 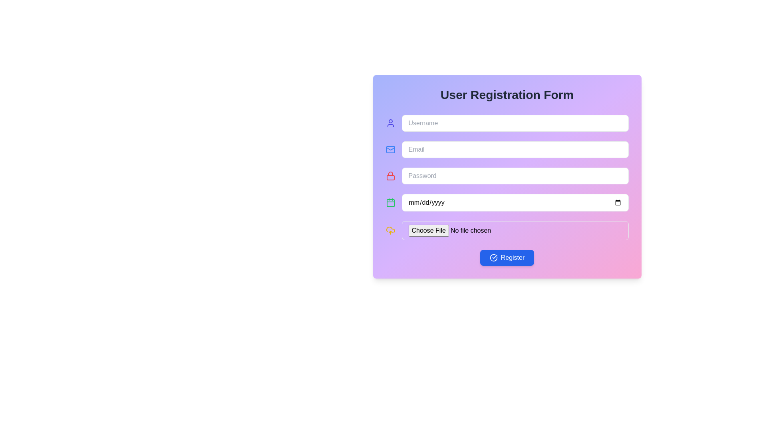 What do you see at coordinates (390, 229) in the screenshot?
I see `the curved line segment of the cloud shape within the SVG graphic representing a 'cloud-upload' symbol` at bounding box center [390, 229].